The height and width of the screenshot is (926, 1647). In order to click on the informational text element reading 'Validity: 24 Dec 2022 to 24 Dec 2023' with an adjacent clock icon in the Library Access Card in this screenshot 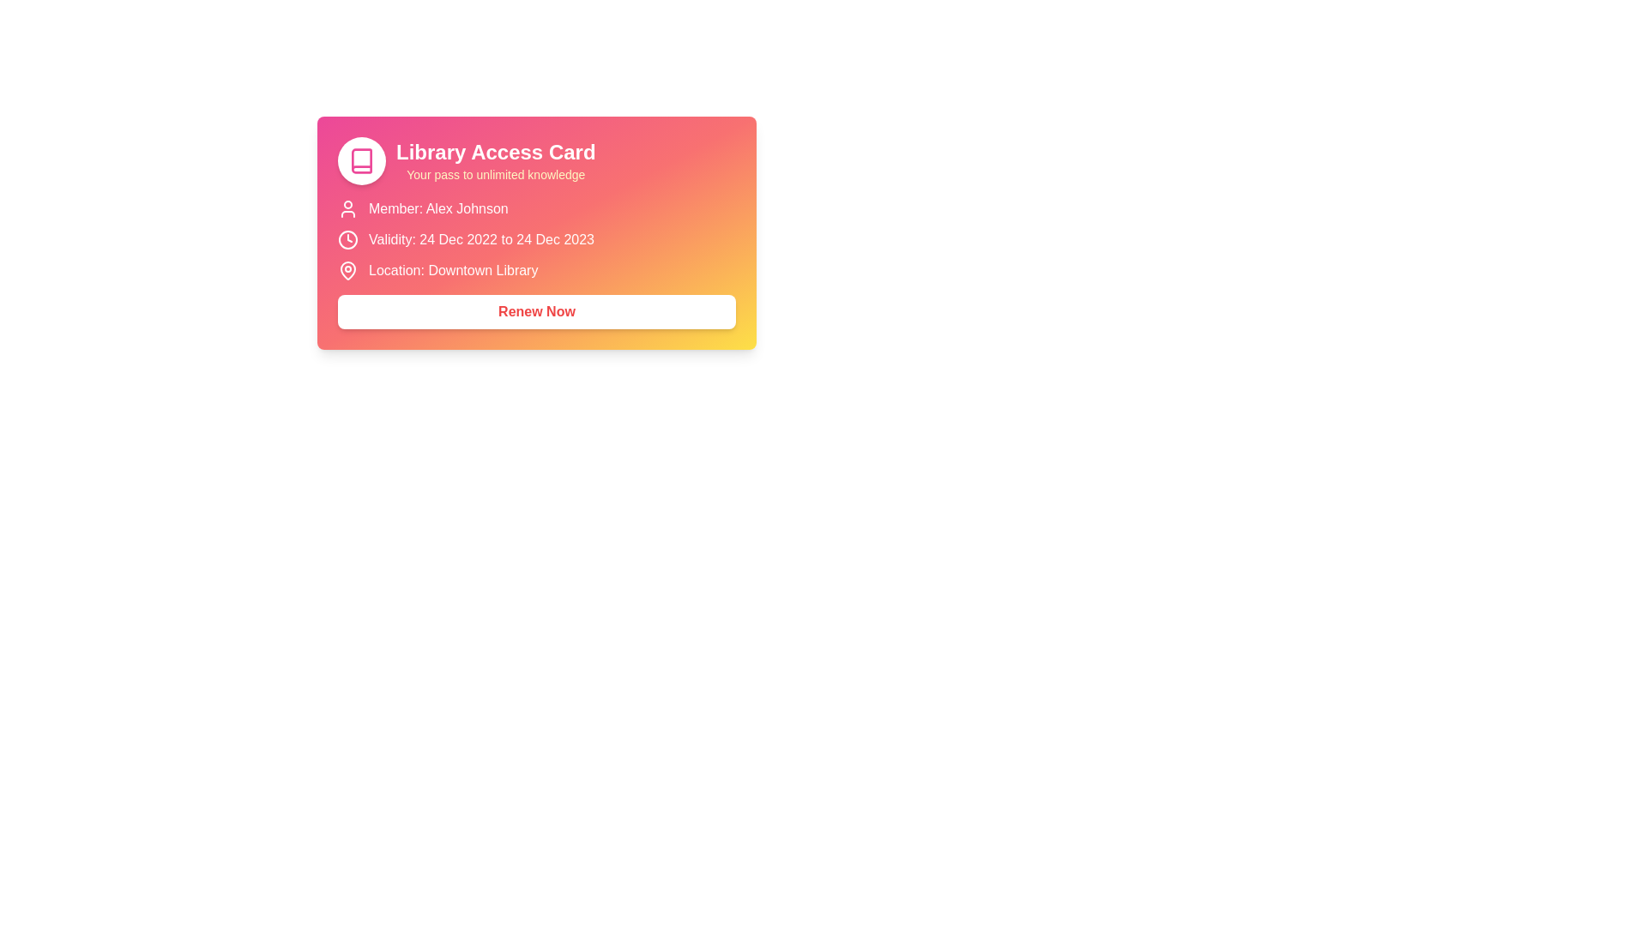, I will do `click(535, 240)`.